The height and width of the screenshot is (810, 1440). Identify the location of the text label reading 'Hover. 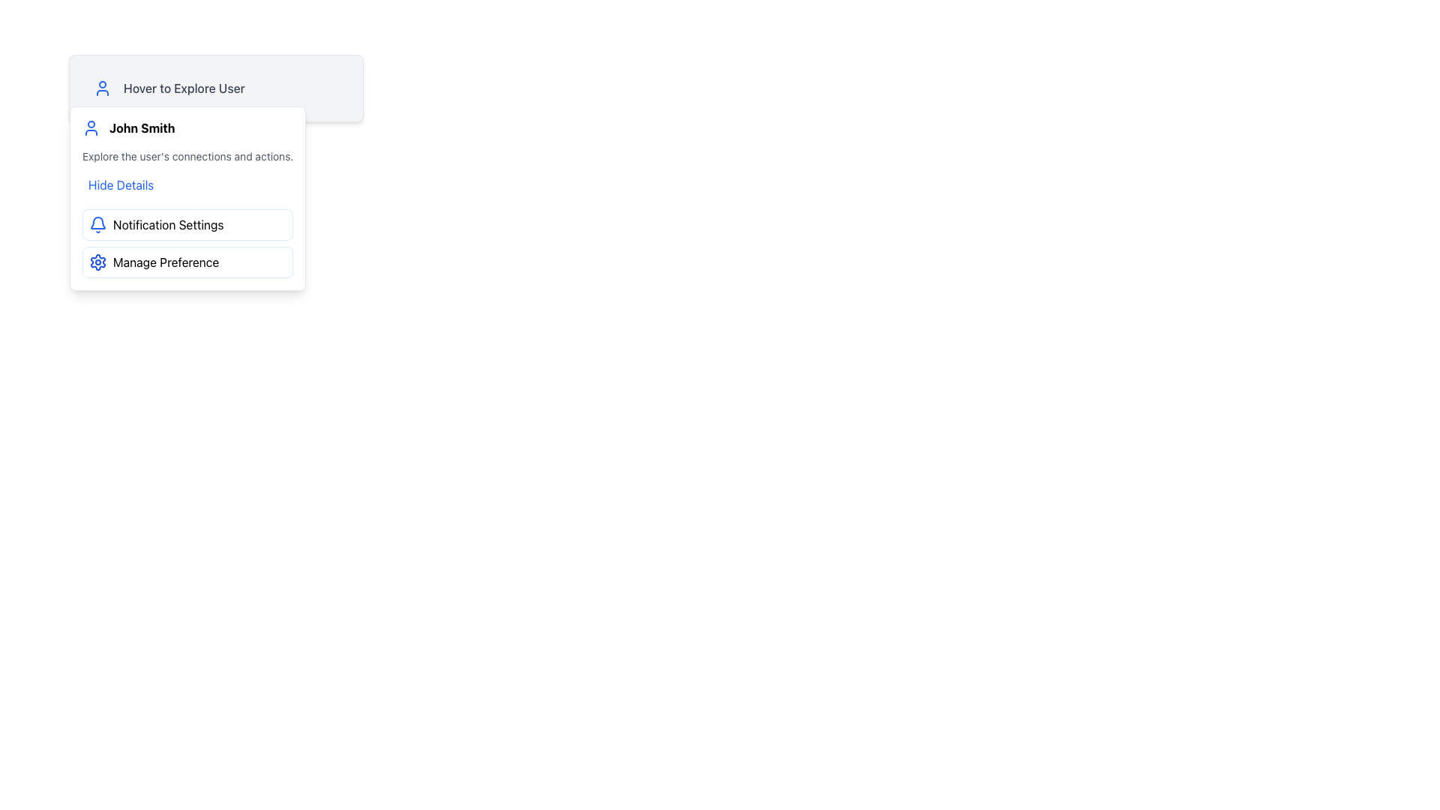
(183, 88).